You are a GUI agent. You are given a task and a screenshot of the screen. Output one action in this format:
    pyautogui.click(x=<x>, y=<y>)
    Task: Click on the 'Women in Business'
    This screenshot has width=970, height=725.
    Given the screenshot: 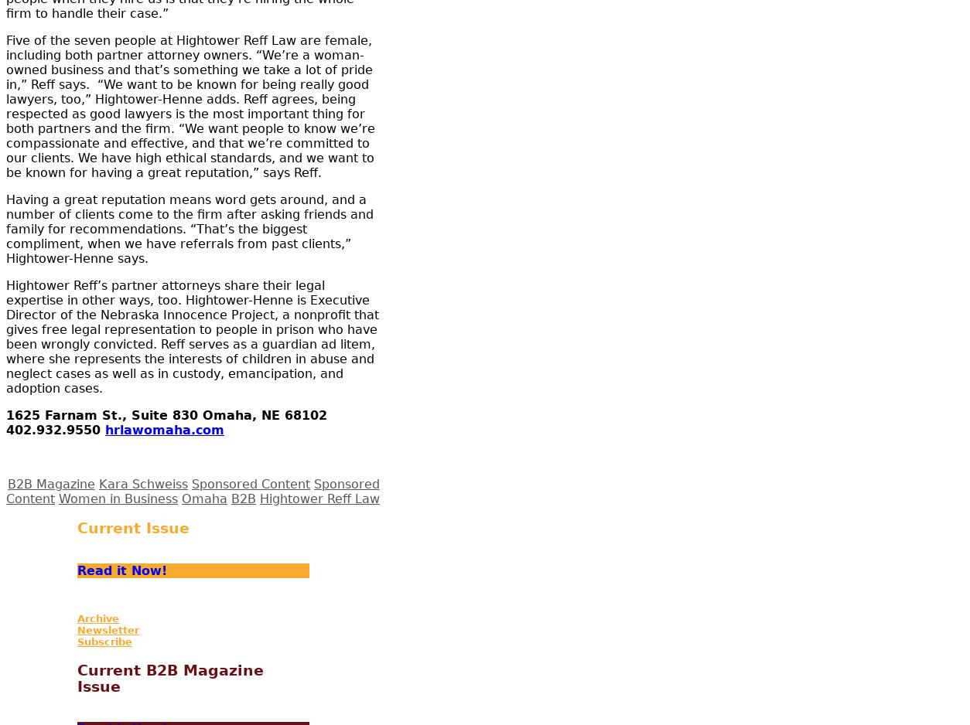 What is the action you would take?
    pyautogui.click(x=58, y=497)
    